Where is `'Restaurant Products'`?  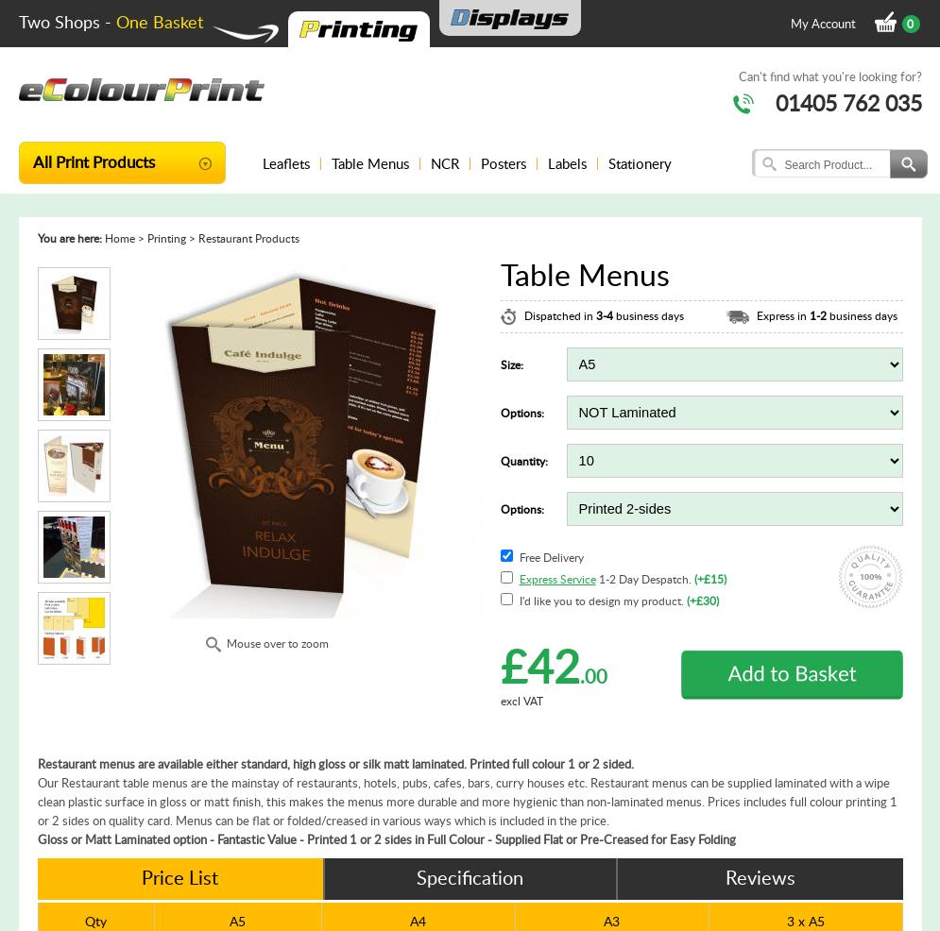
'Restaurant Products' is located at coordinates (248, 238).